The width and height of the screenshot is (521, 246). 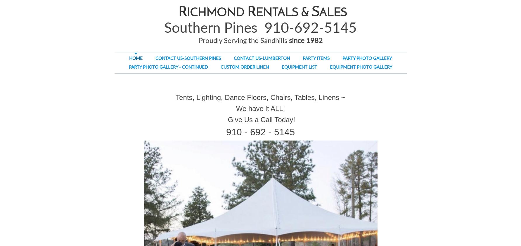 I want to click on 'Home', so click(x=136, y=58).